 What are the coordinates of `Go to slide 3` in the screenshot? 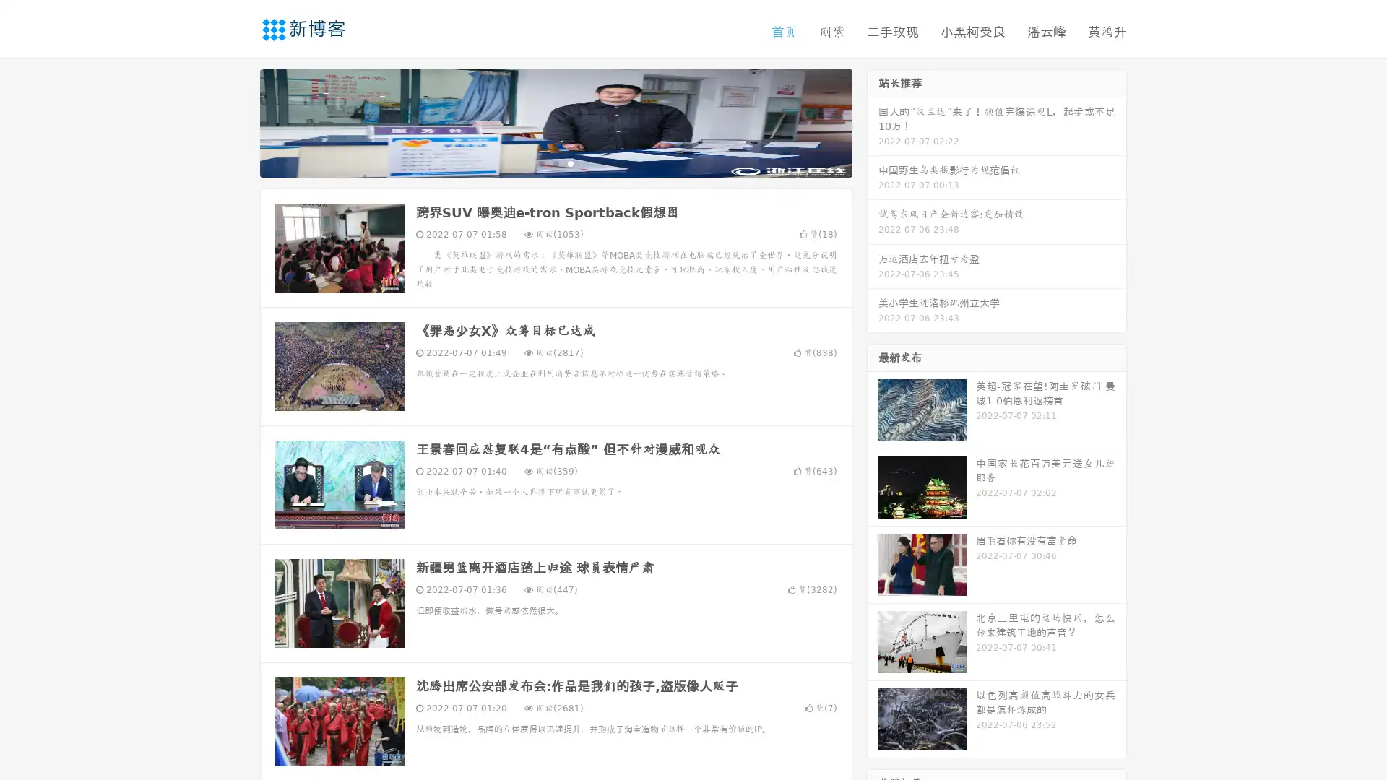 It's located at (570, 162).